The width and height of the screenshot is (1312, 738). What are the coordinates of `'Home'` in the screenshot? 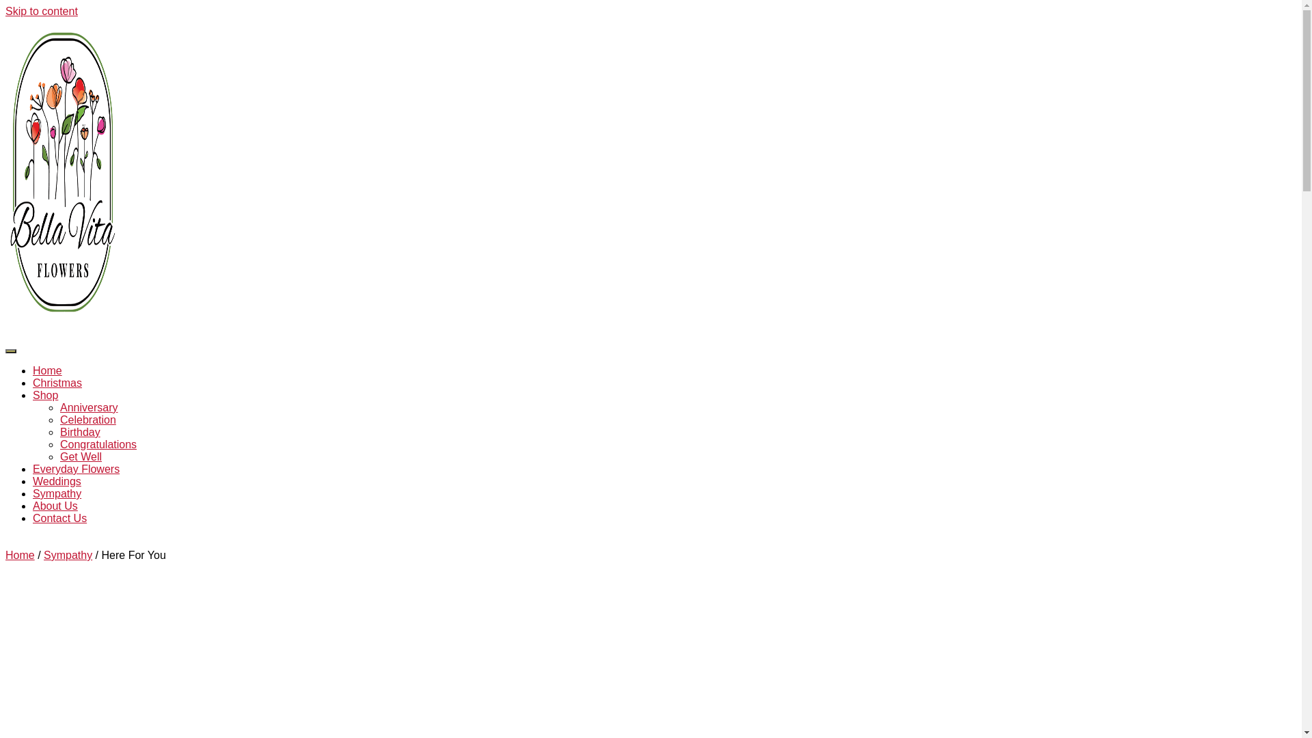 It's located at (20, 555).